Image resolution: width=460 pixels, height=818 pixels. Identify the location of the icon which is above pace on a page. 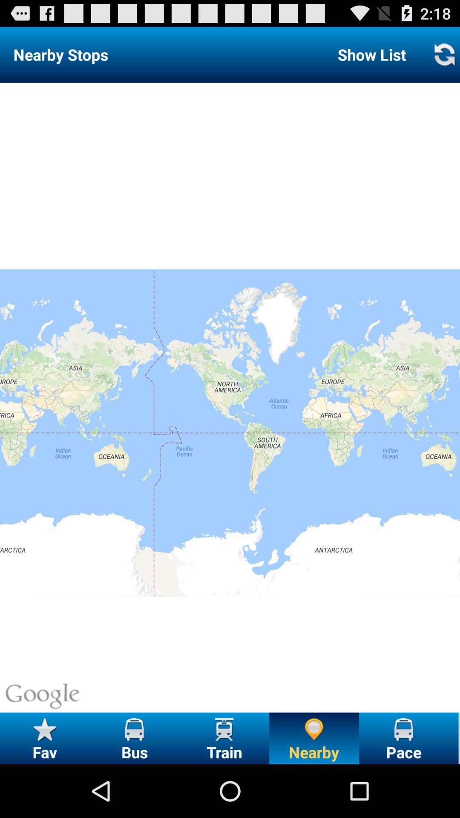
(403, 729).